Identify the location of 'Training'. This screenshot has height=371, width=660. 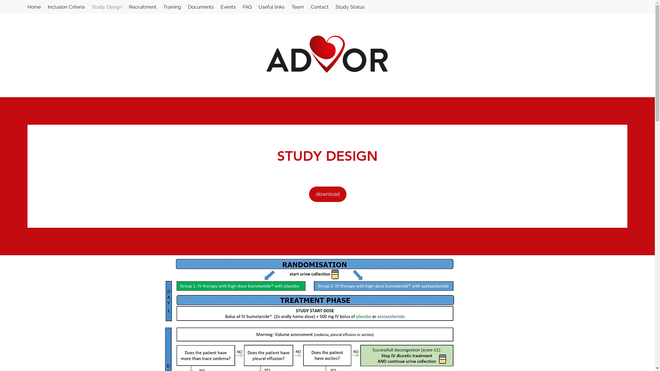
(172, 7).